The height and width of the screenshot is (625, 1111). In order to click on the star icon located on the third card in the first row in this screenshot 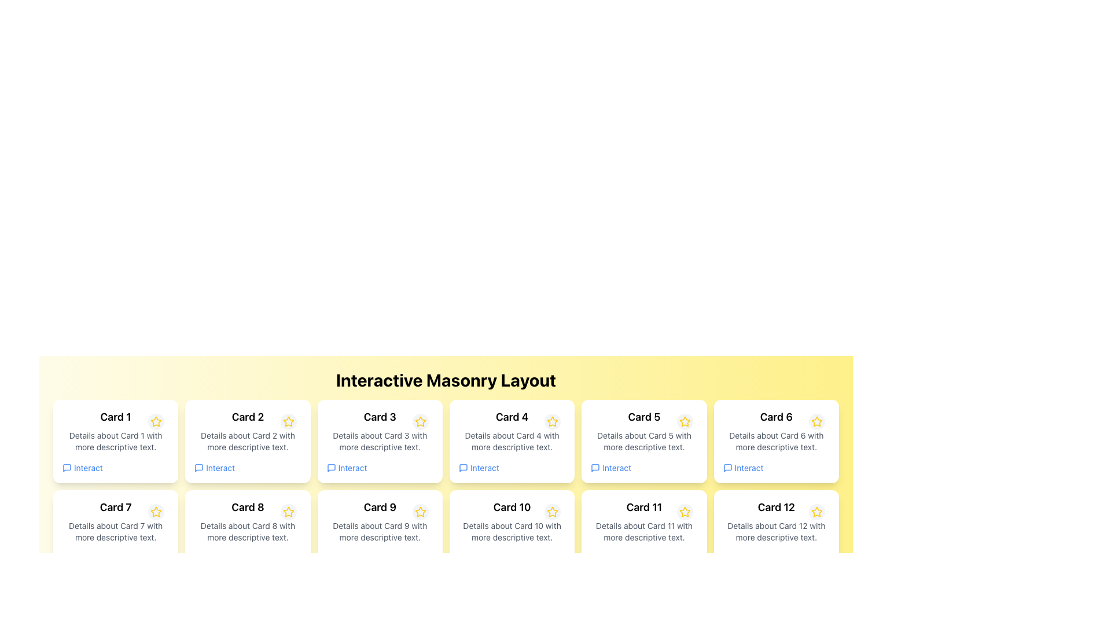, I will do `click(420, 422)`.